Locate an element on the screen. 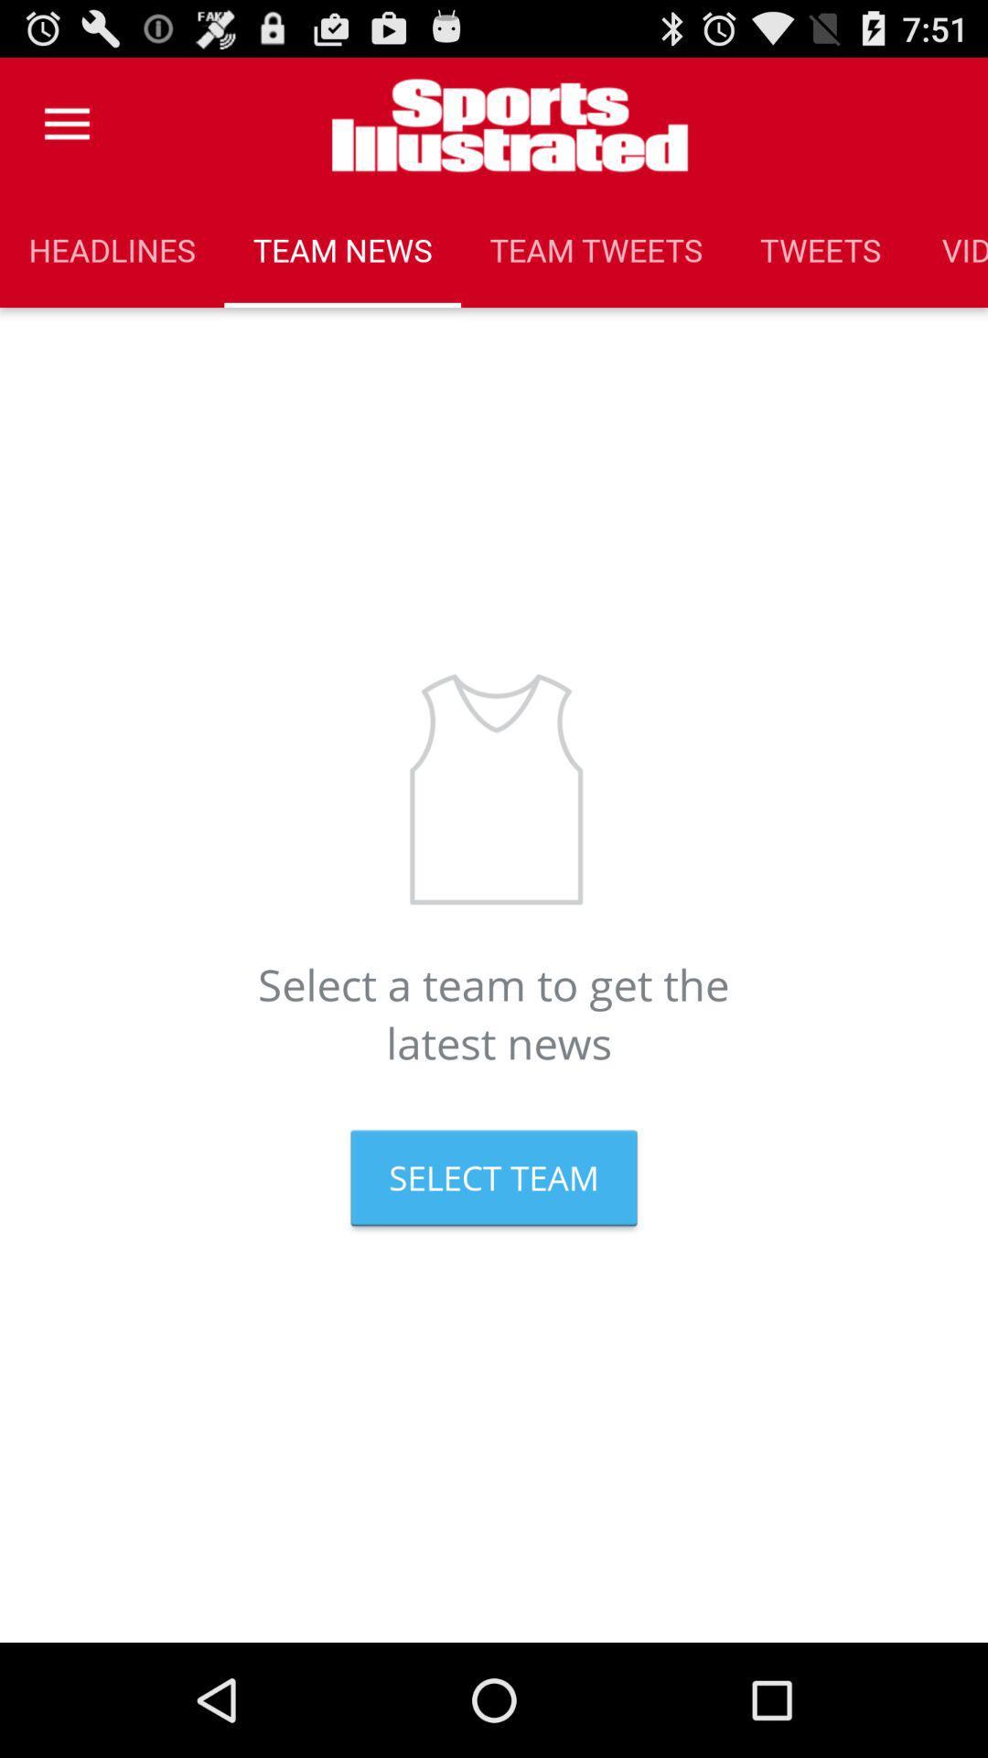 This screenshot has width=988, height=1758. the item above the headlines is located at coordinates (66, 124).